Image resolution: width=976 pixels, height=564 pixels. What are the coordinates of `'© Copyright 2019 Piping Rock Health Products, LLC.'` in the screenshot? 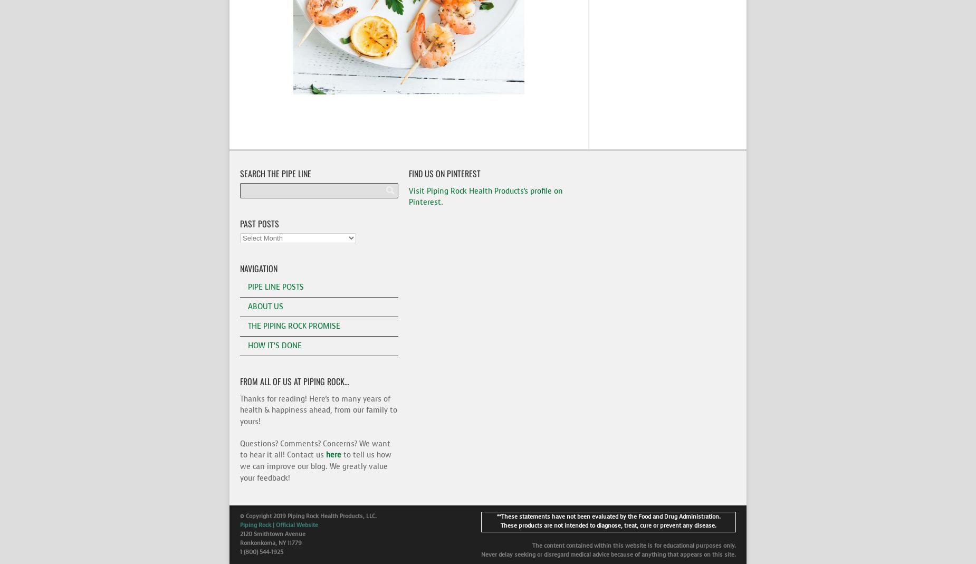 It's located at (308, 515).